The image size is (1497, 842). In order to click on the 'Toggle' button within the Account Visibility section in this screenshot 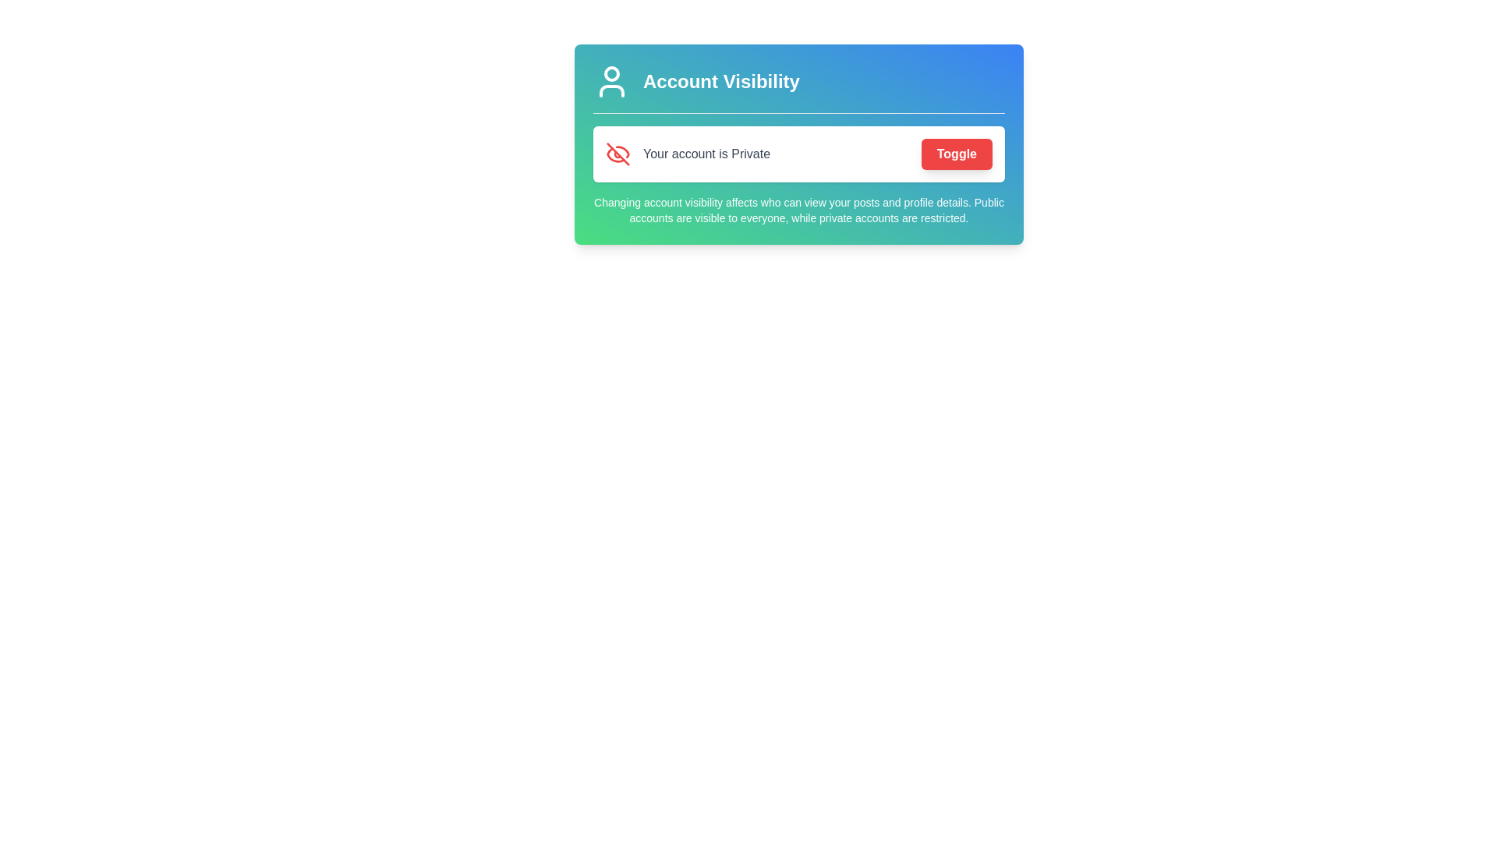, I will do `click(799, 154)`.